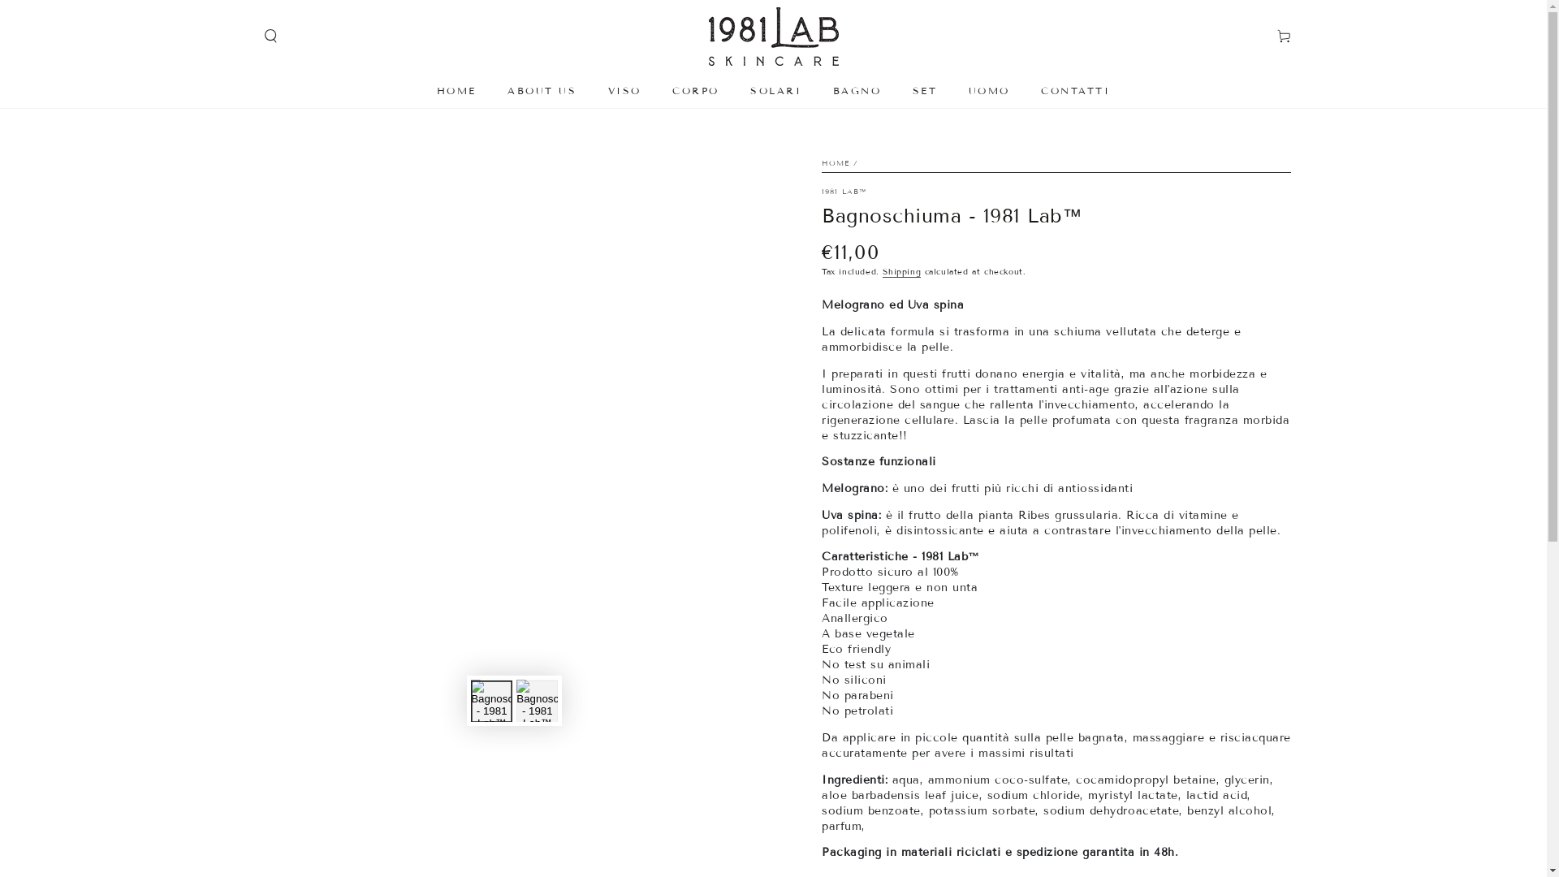  I want to click on 'Shipping', so click(900, 270).